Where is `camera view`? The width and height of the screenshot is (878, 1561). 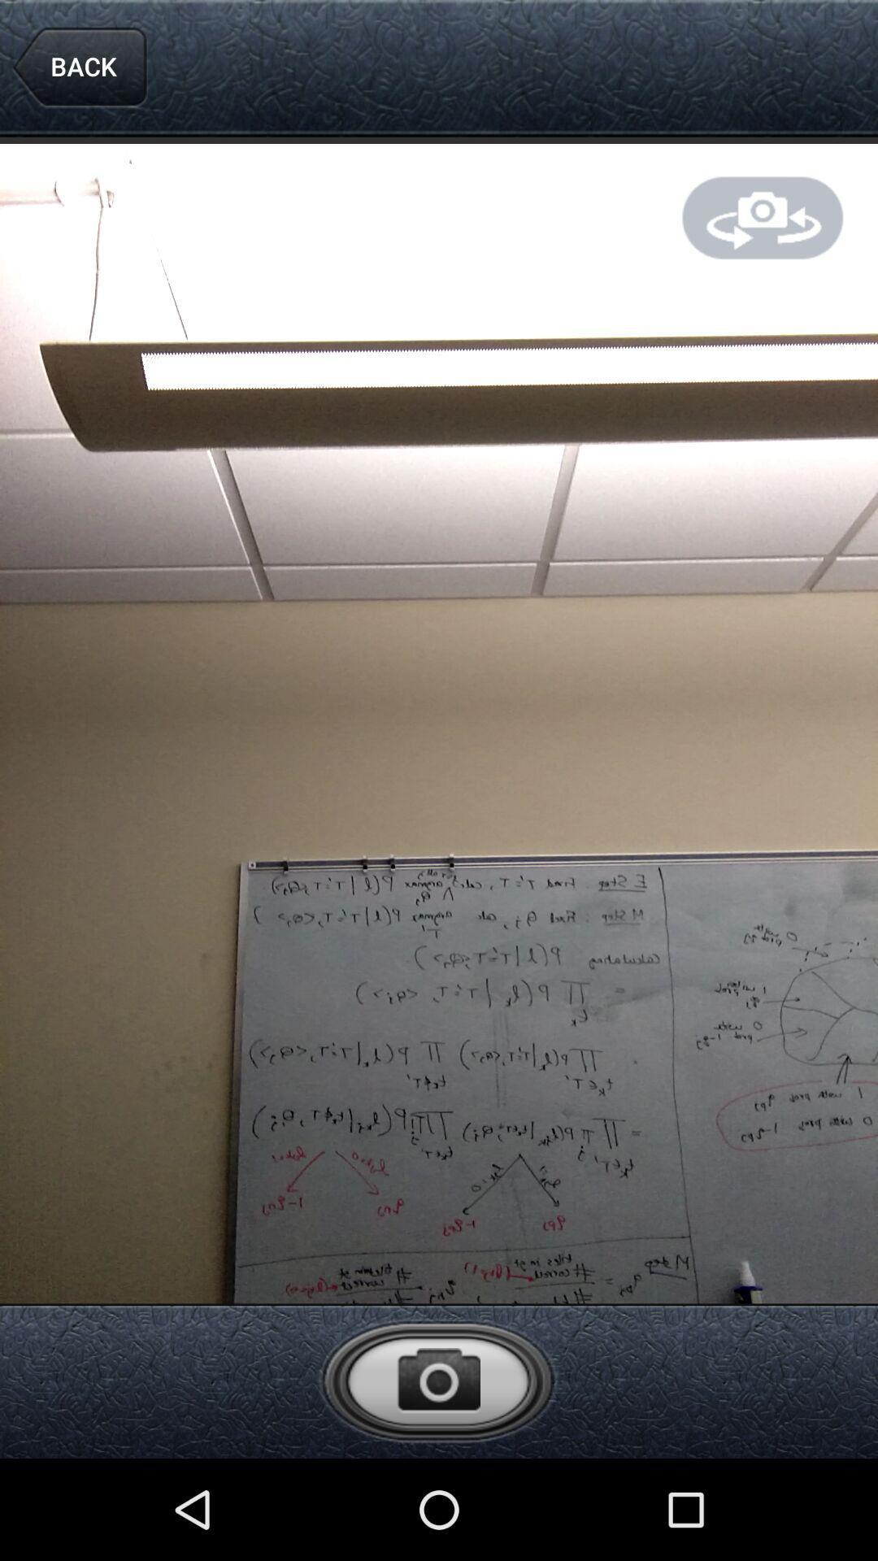
camera view is located at coordinates (763, 217).